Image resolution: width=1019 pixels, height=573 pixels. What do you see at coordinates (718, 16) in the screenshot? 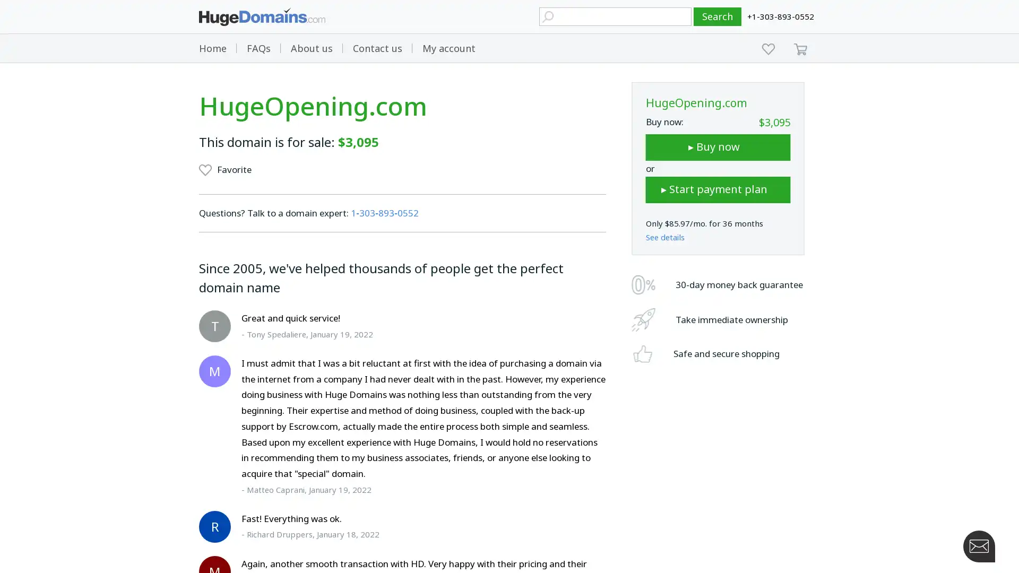
I see `Search` at bounding box center [718, 16].